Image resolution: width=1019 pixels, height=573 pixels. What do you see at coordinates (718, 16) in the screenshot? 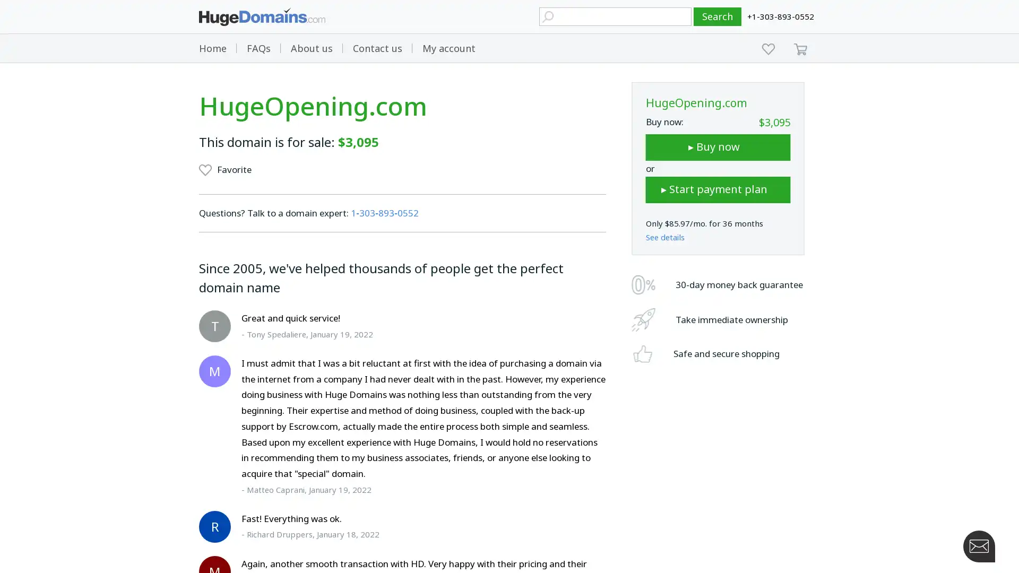
I see `Search` at bounding box center [718, 16].